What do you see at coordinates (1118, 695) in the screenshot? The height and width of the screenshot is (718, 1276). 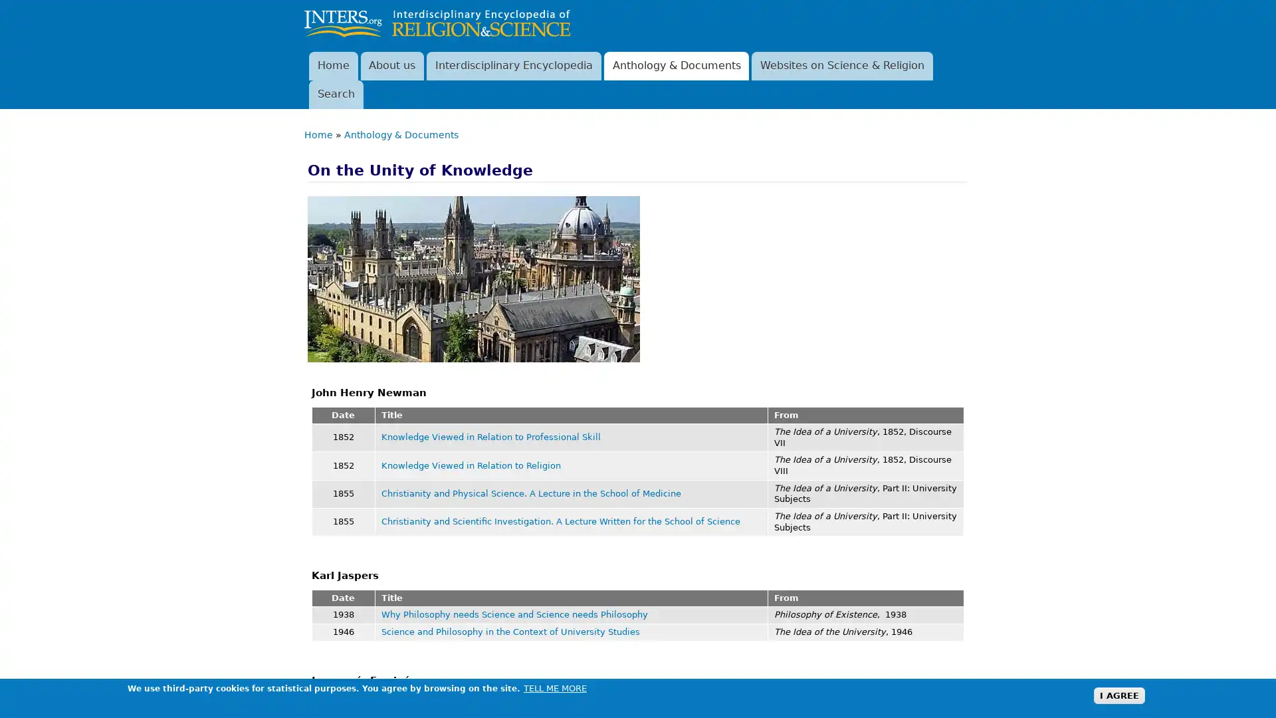 I see `I AGREE` at bounding box center [1118, 695].